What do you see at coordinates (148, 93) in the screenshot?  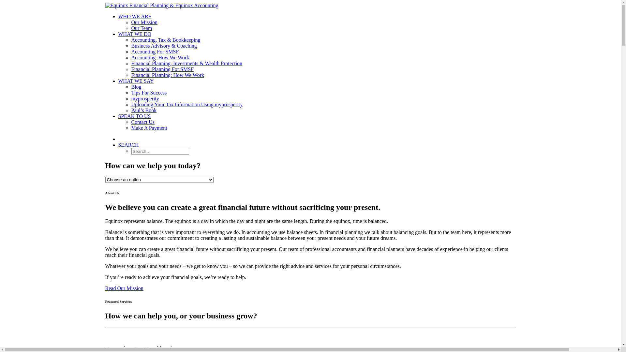 I see `'Tips For Success'` at bounding box center [148, 93].